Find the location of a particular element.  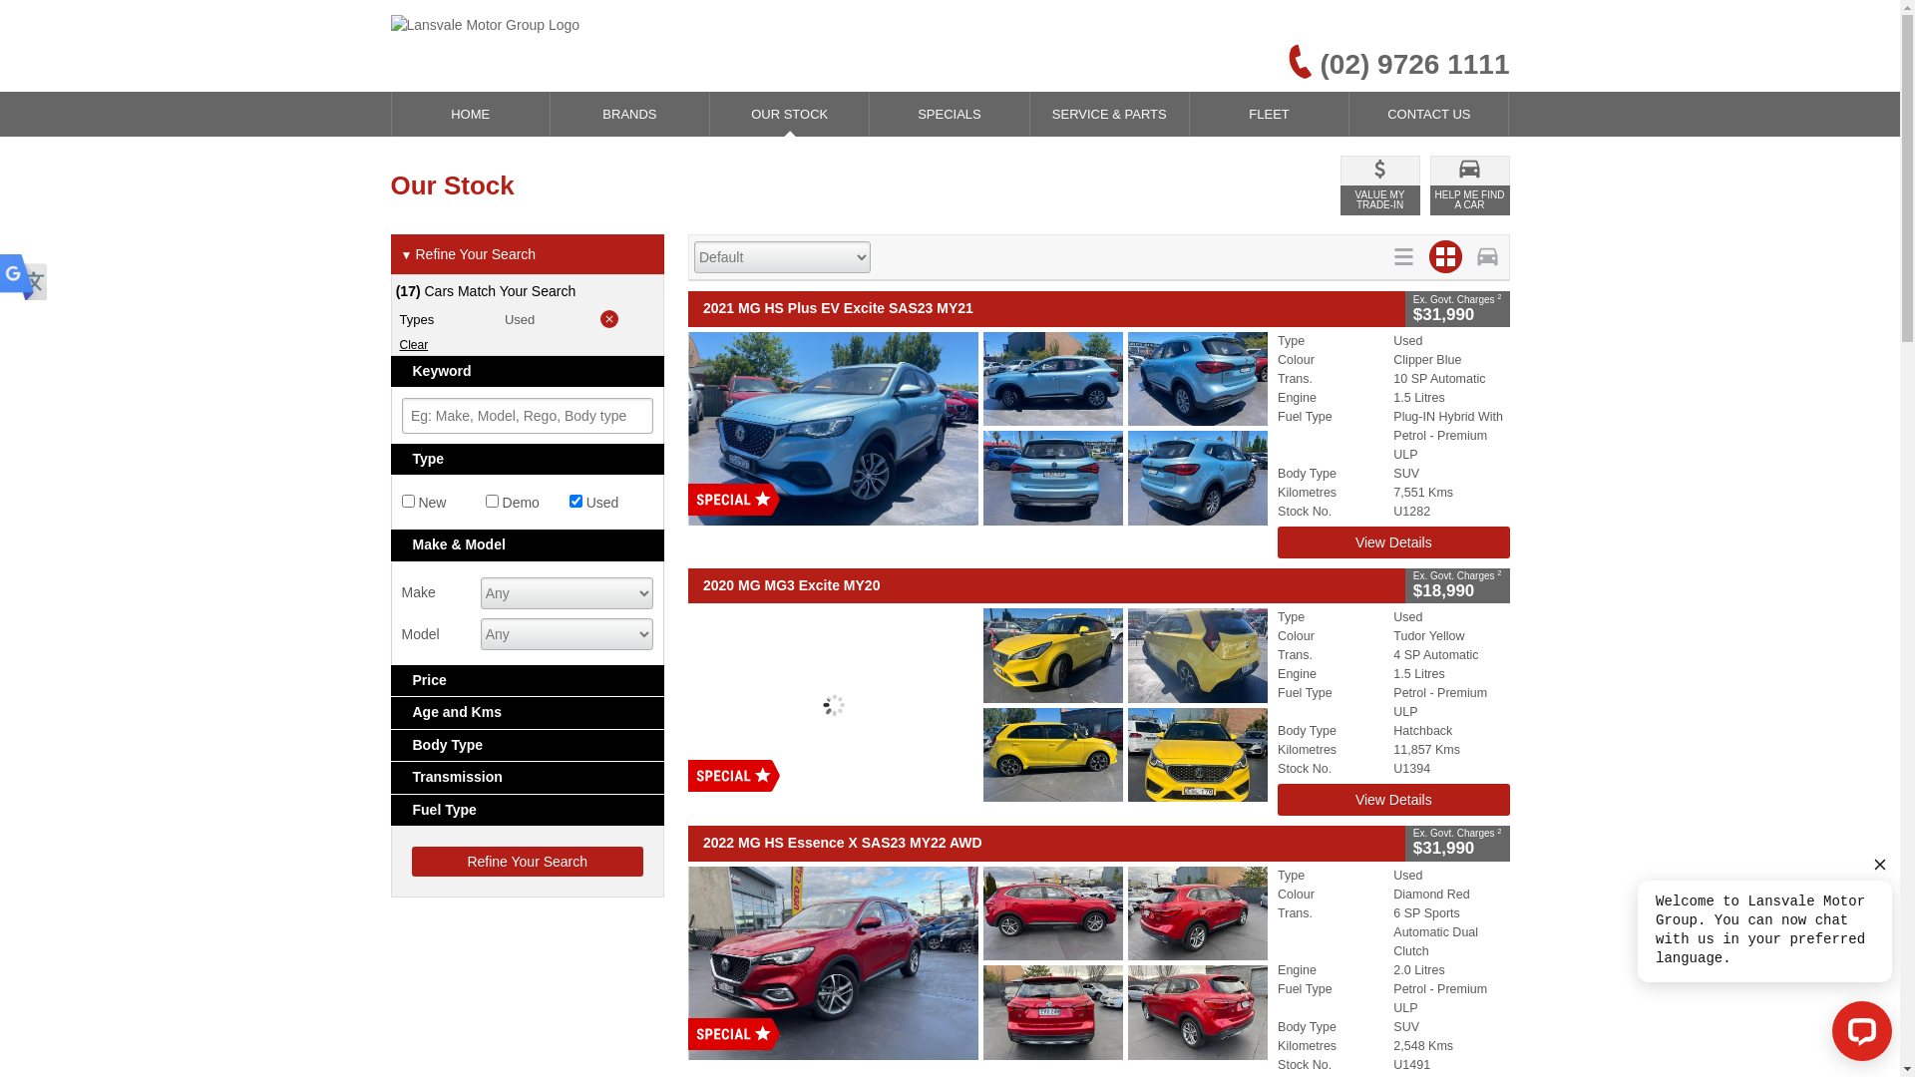

'SPECIALS' is located at coordinates (948, 114).